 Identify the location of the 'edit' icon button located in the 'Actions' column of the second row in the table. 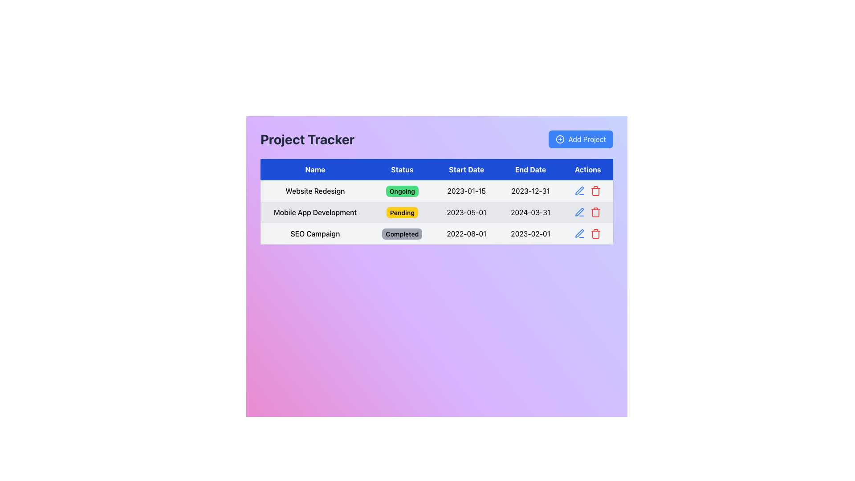
(580, 212).